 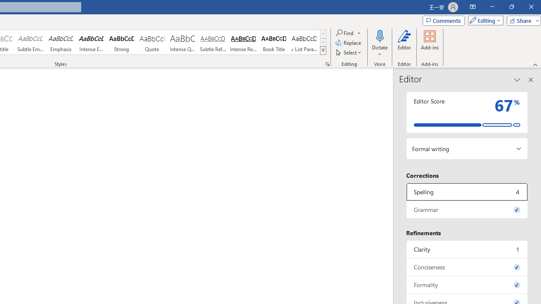 What do you see at coordinates (30, 42) in the screenshot?
I see `'Subtle Emphasis'` at bounding box center [30, 42].